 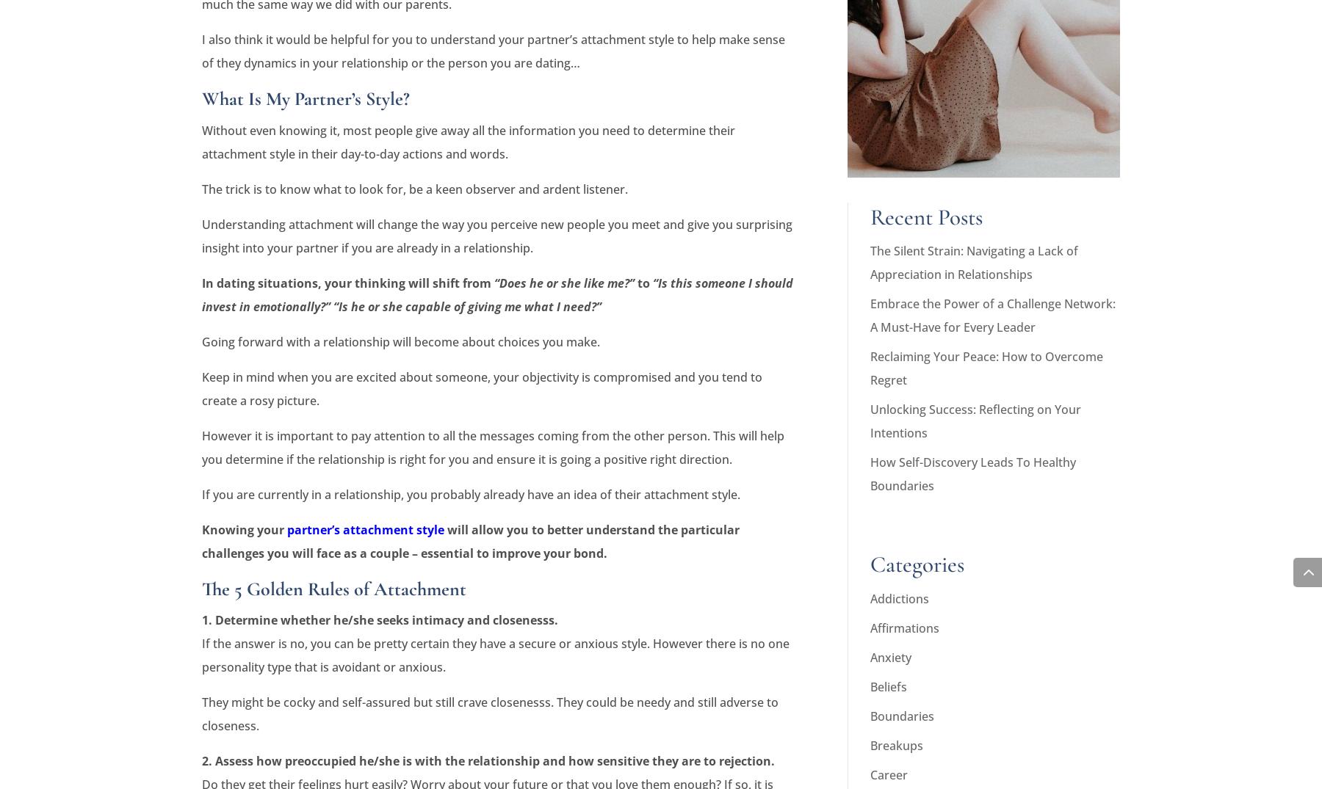 What do you see at coordinates (895, 744) in the screenshot?
I see `'Breakups'` at bounding box center [895, 744].